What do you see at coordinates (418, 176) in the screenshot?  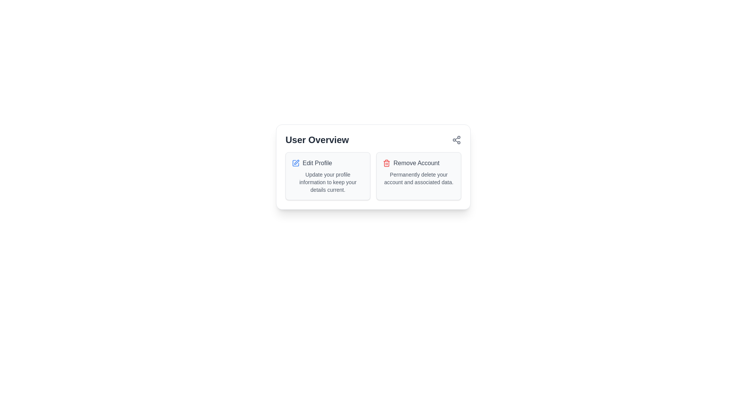 I see `the informational card that describes the action to remove an account permanently, located on the right side of the 'Edit Profile' section in a two-element grid layout` at bounding box center [418, 176].